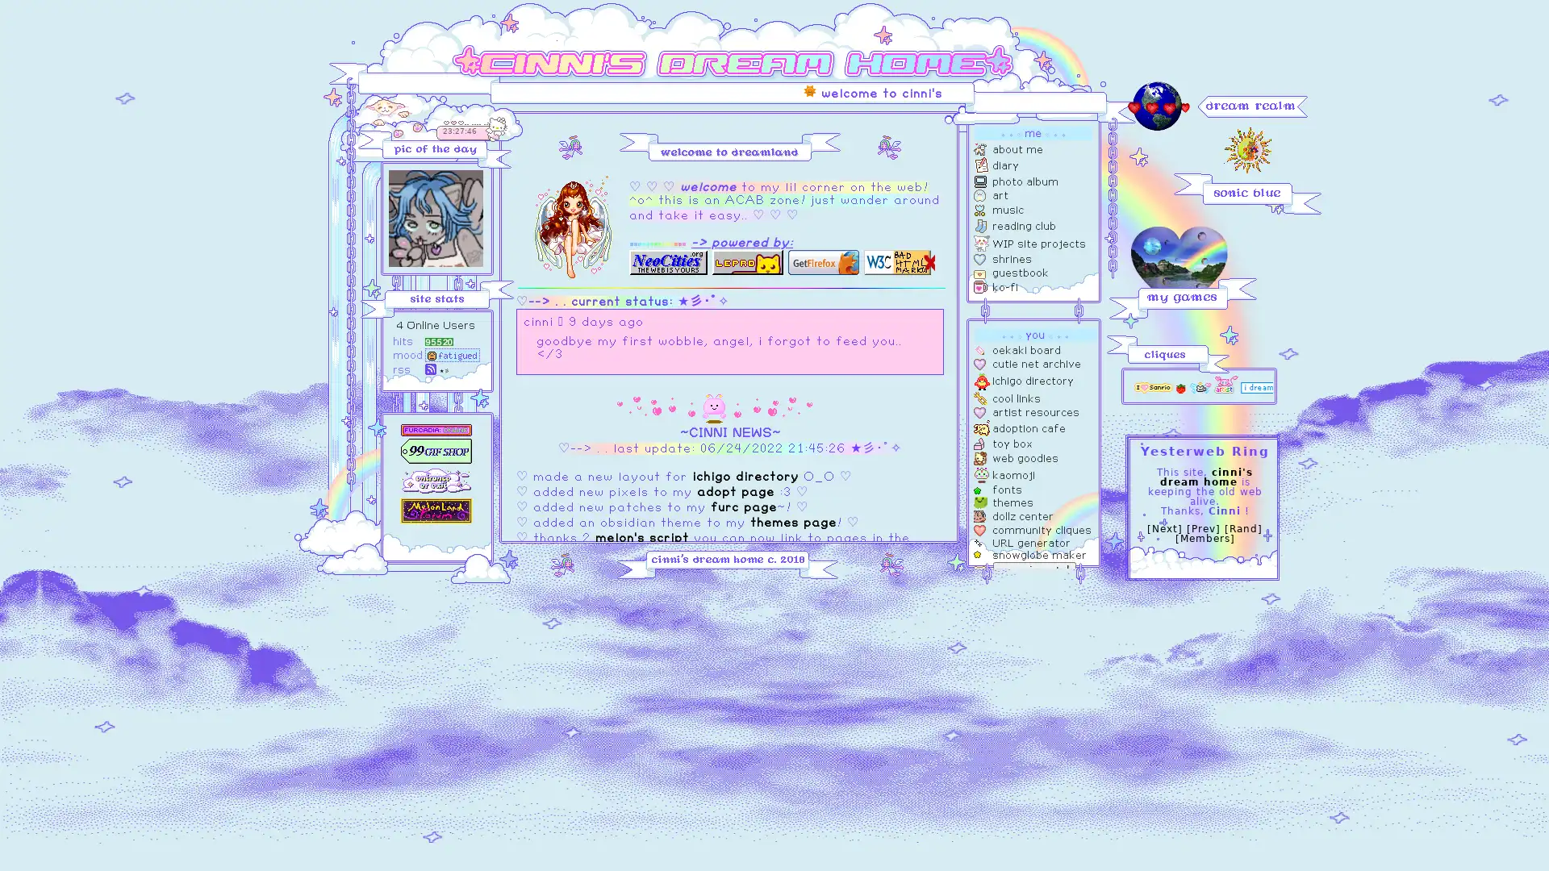 Image resolution: width=1549 pixels, height=871 pixels. I want to click on experimental, so click(1034, 569).